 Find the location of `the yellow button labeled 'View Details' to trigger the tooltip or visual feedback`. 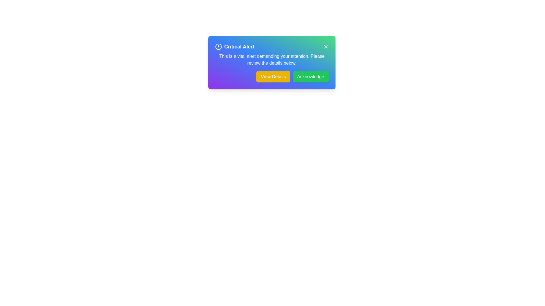

the yellow button labeled 'View Details' to trigger the tooltip or visual feedback is located at coordinates (272, 76).